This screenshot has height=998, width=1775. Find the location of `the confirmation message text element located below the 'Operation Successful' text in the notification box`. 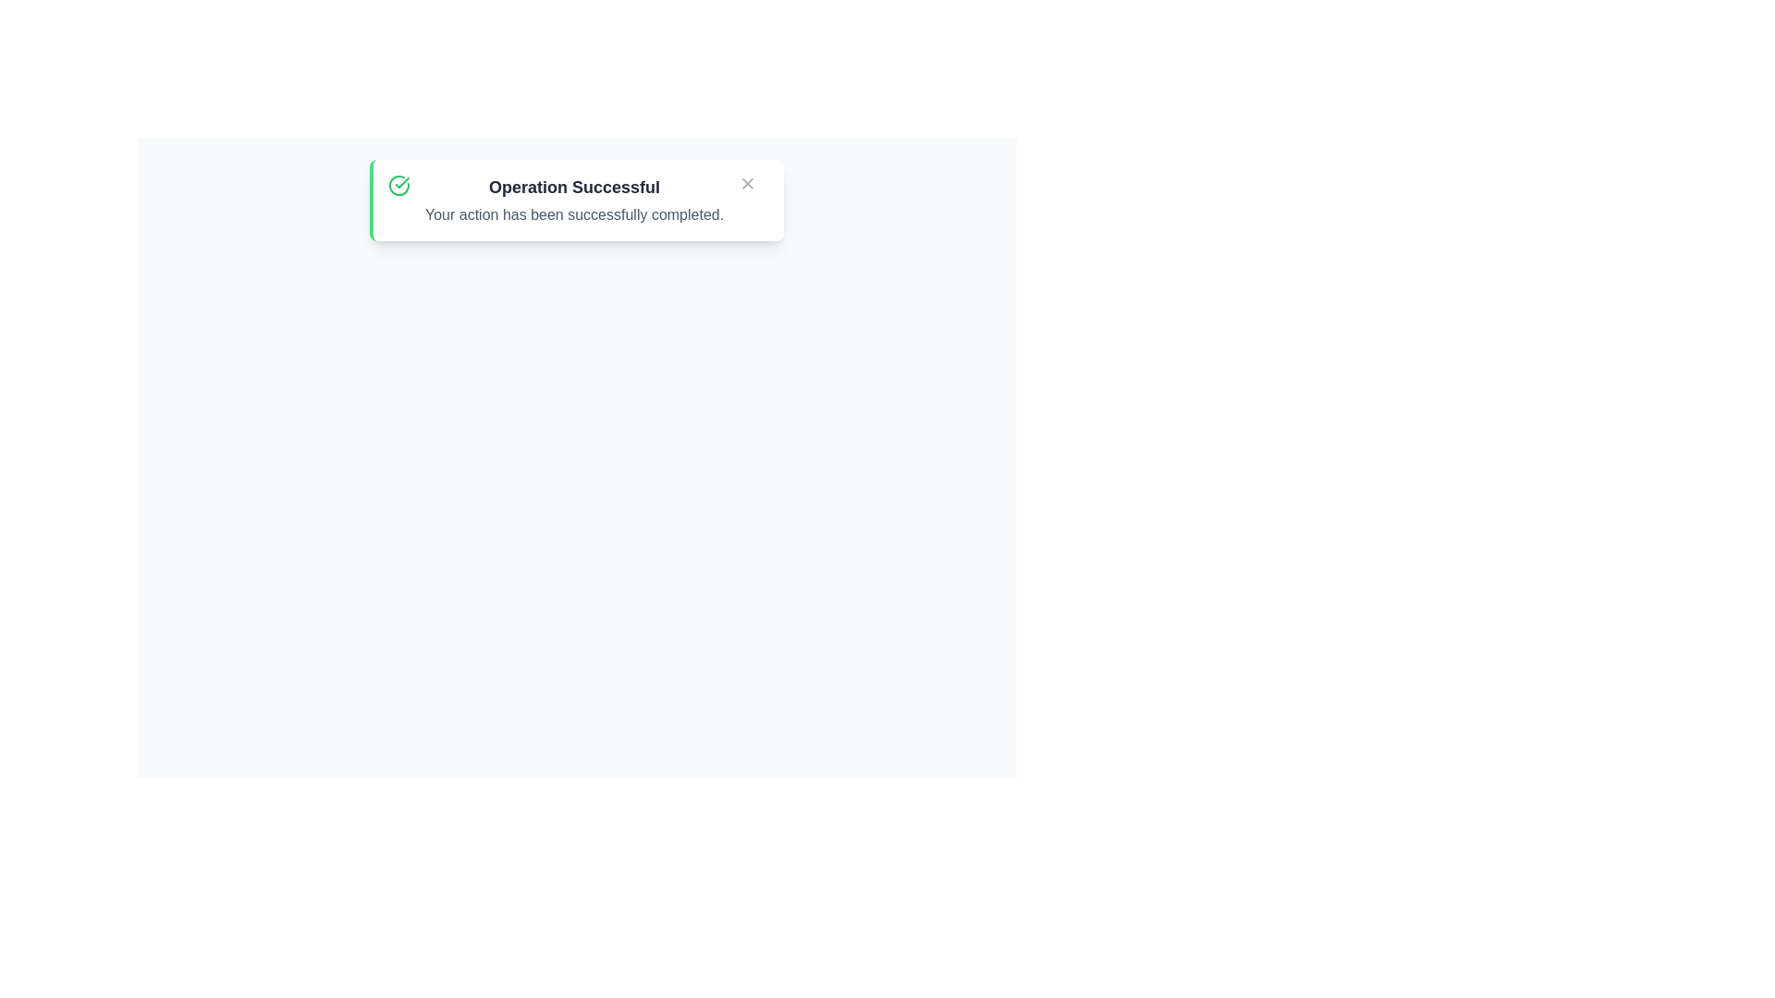

the confirmation message text element located below the 'Operation Successful' text in the notification box is located at coordinates (573, 213).